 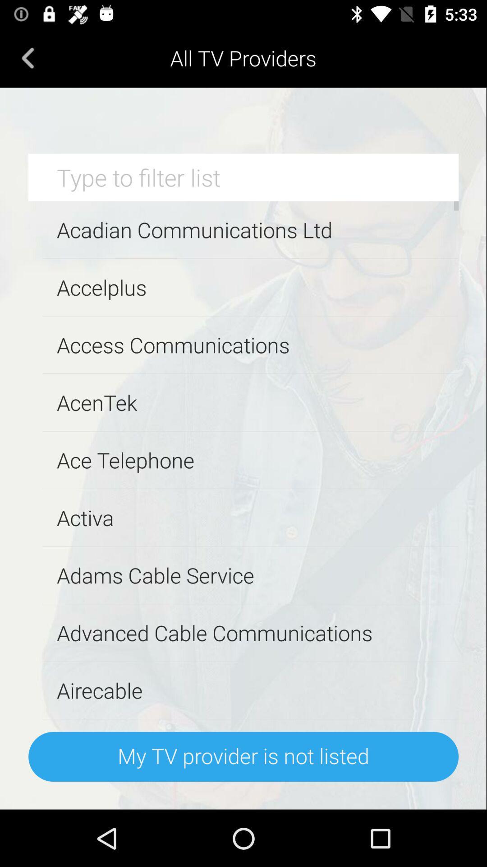 I want to click on the last highlighted option, so click(x=243, y=756).